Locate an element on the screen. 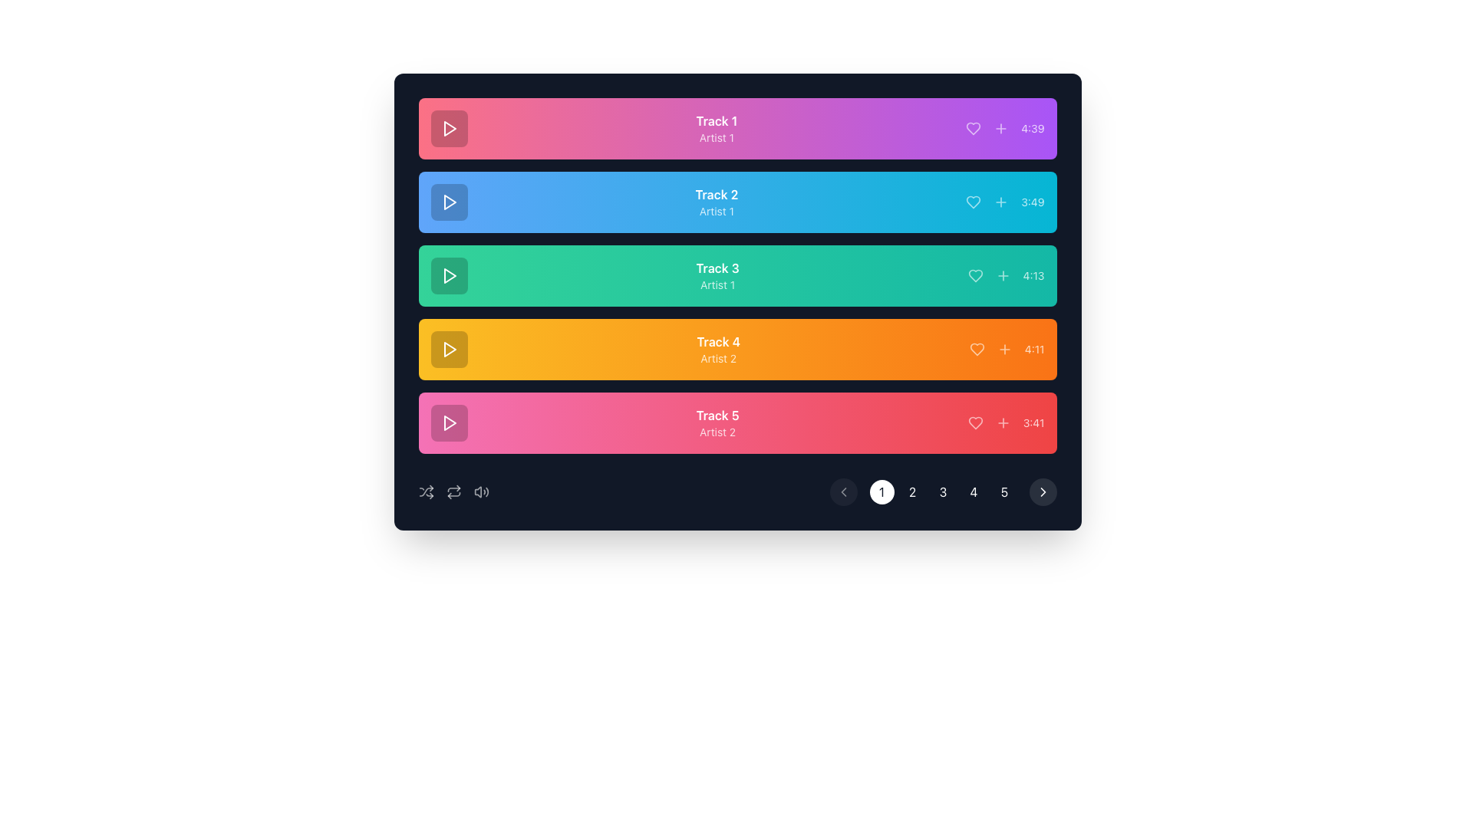 The height and width of the screenshot is (828, 1473). the text label displaying '3:41' which is positioned at the right end of the bottom-most track item in a list of tracks against a red background is located at coordinates (1033, 422).